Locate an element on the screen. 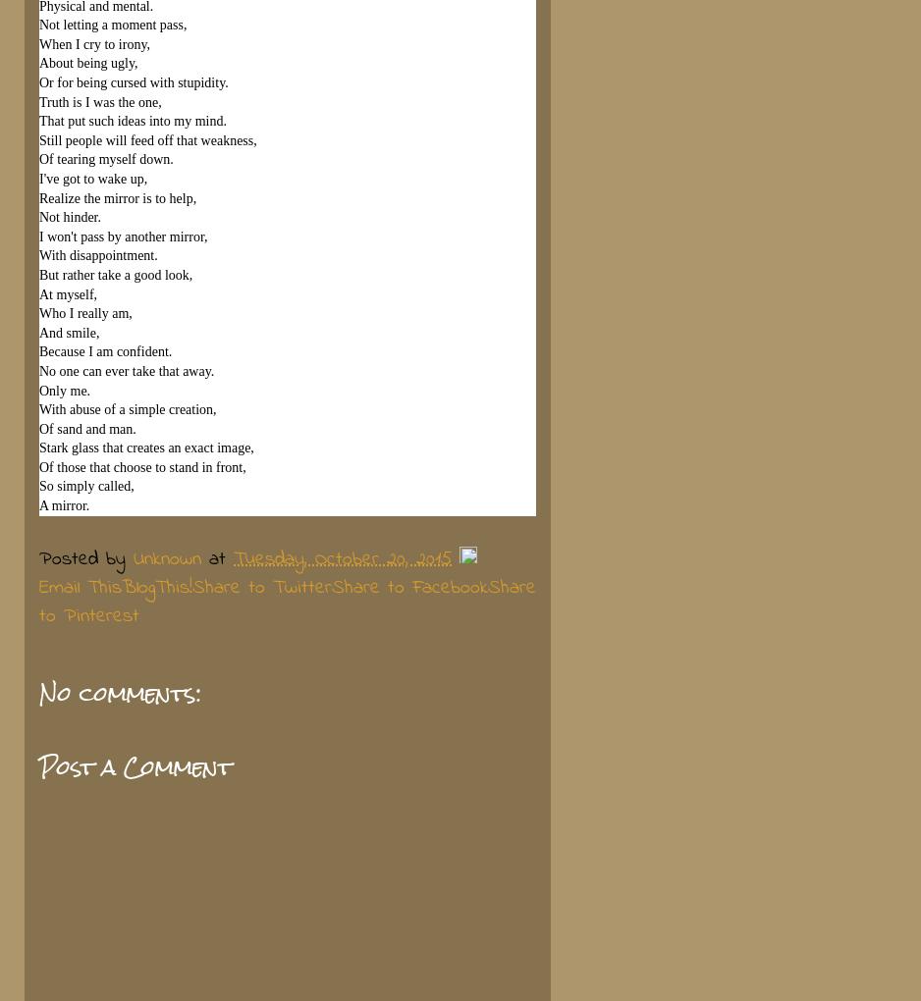  'Tuesday, October 20, 2015' is located at coordinates (343, 558).